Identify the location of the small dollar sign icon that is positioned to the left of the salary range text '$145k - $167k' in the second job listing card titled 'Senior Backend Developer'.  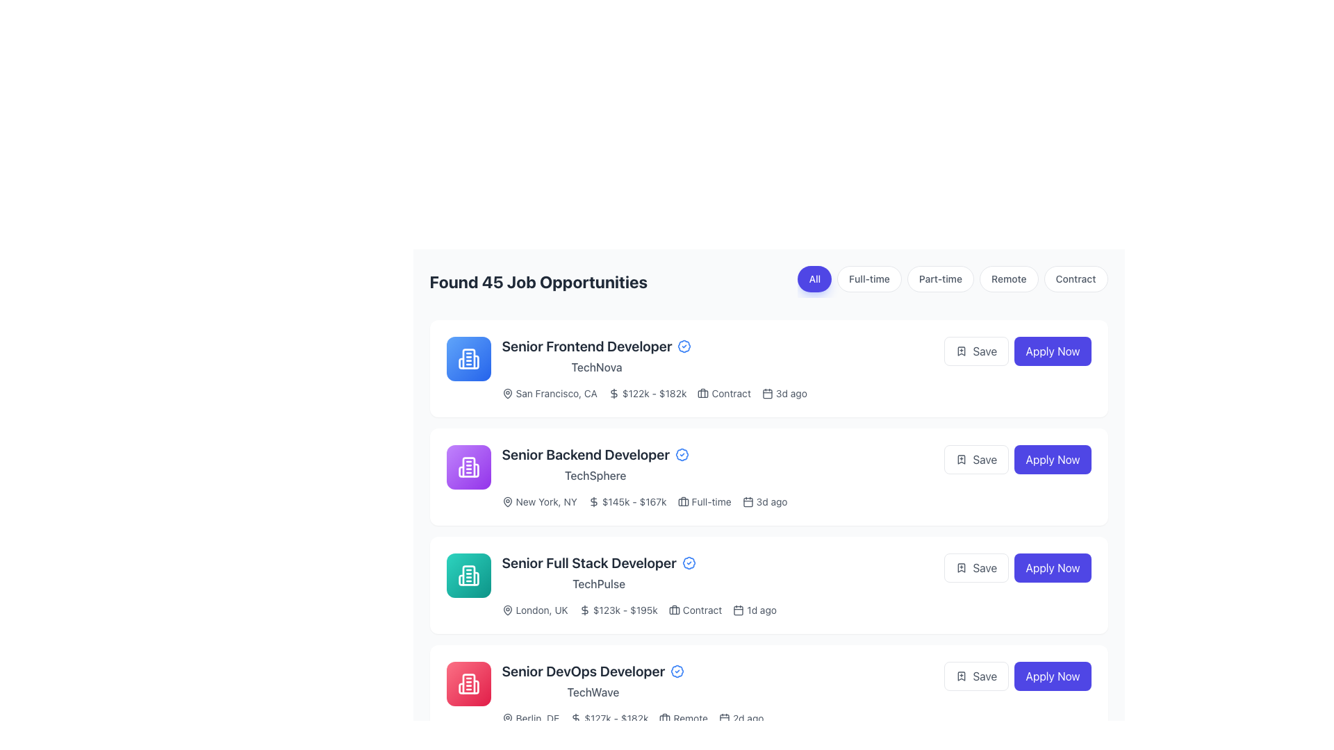
(593, 501).